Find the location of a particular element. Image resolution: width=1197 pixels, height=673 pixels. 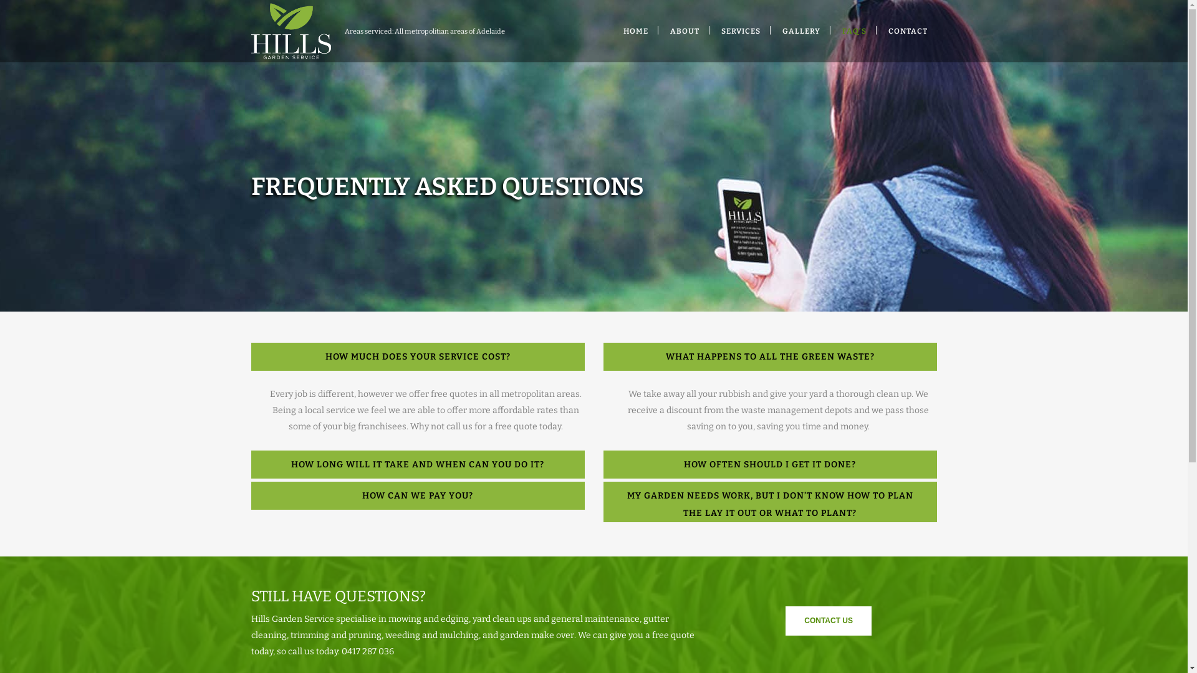

'0417 287 036' is located at coordinates (367, 651).